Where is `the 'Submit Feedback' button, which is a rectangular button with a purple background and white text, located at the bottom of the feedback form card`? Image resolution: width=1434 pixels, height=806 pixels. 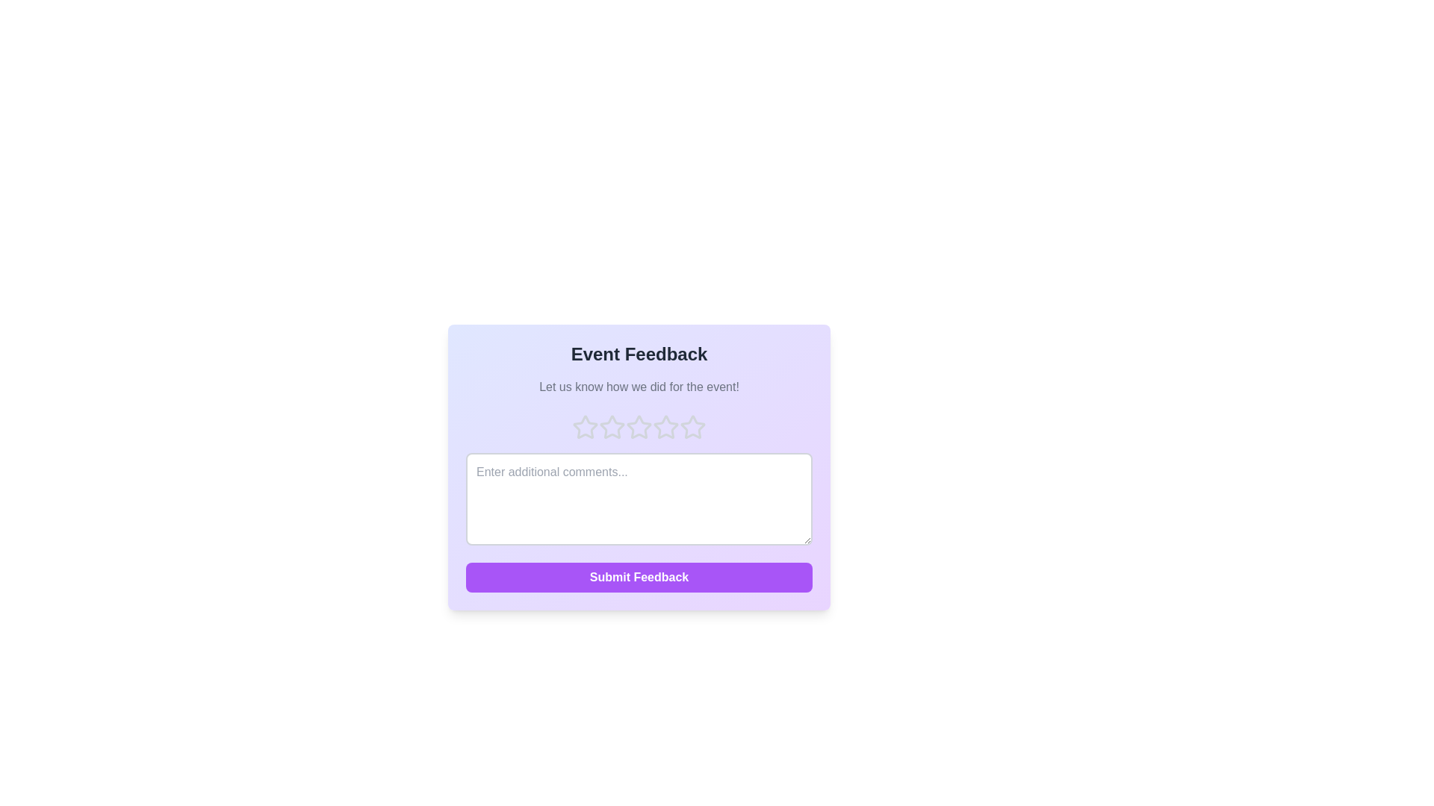 the 'Submit Feedback' button, which is a rectangular button with a purple background and white text, located at the bottom of the feedback form card is located at coordinates (639, 577).